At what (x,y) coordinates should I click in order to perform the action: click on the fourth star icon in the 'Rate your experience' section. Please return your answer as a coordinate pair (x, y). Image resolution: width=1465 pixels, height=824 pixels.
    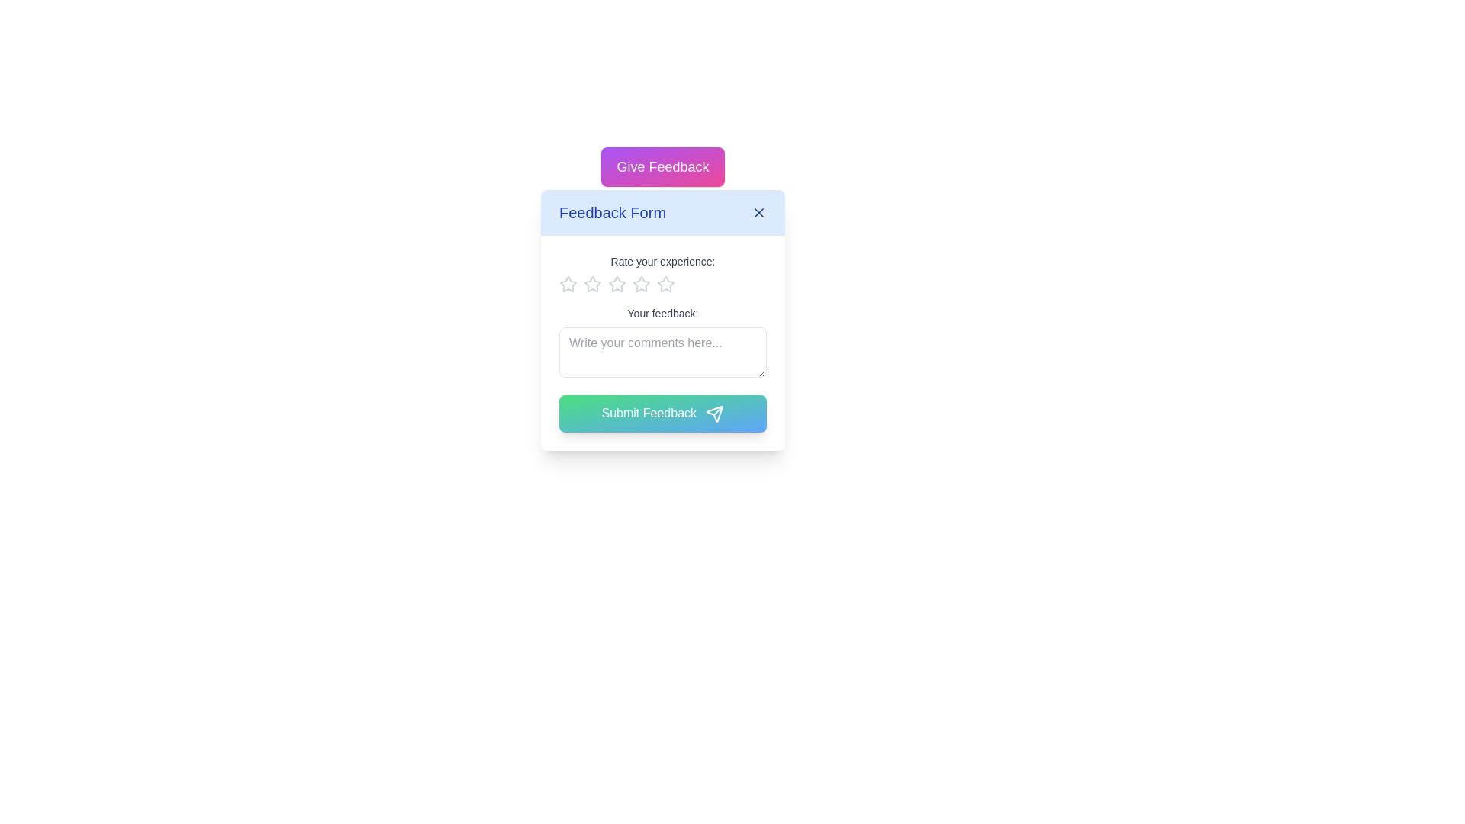
    Looking at the image, I should click on (666, 284).